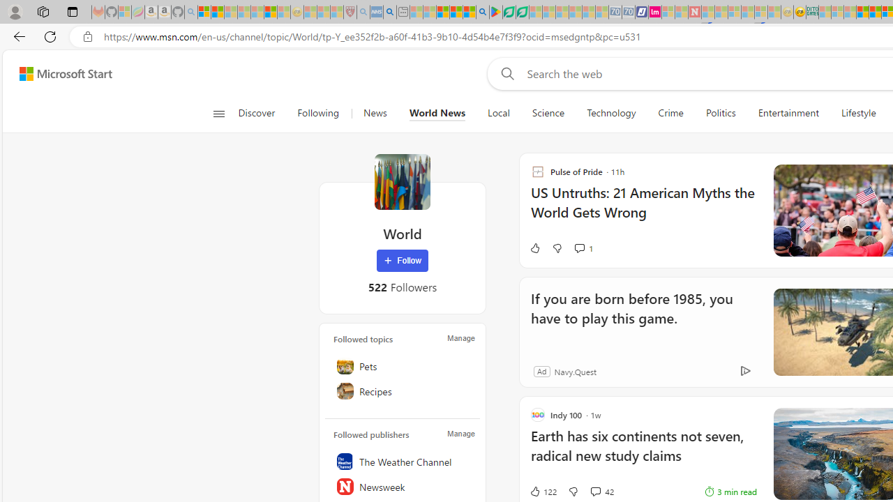 This screenshot has width=893, height=502. Describe the element at coordinates (601, 490) in the screenshot. I see `'View comments 42 Comment'` at that location.